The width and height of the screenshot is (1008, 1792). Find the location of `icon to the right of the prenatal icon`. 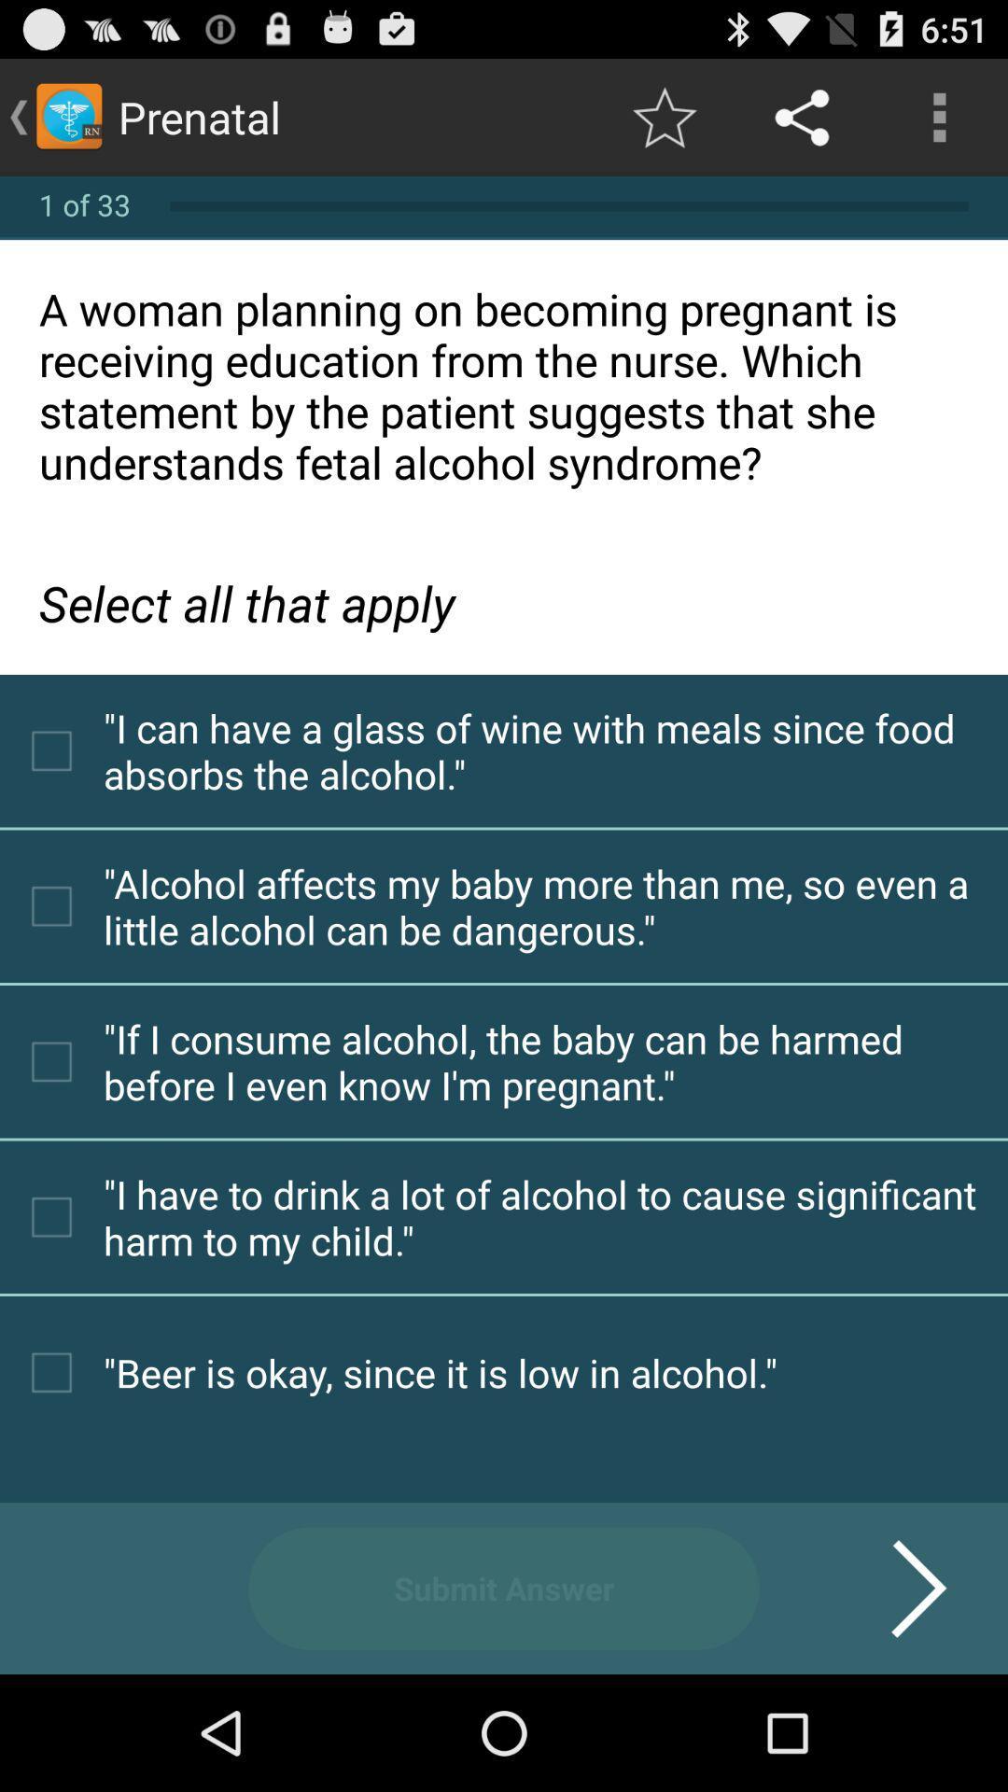

icon to the right of the prenatal icon is located at coordinates (664, 116).